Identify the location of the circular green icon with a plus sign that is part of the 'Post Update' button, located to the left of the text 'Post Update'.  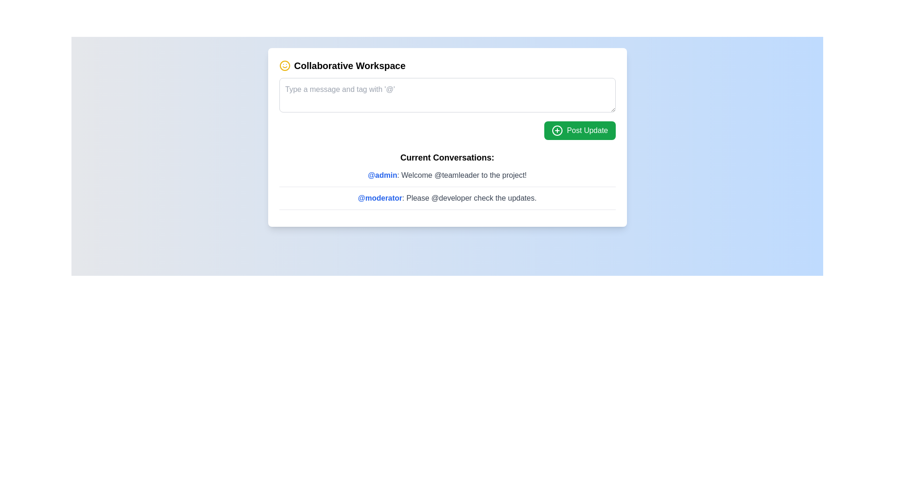
(557, 131).